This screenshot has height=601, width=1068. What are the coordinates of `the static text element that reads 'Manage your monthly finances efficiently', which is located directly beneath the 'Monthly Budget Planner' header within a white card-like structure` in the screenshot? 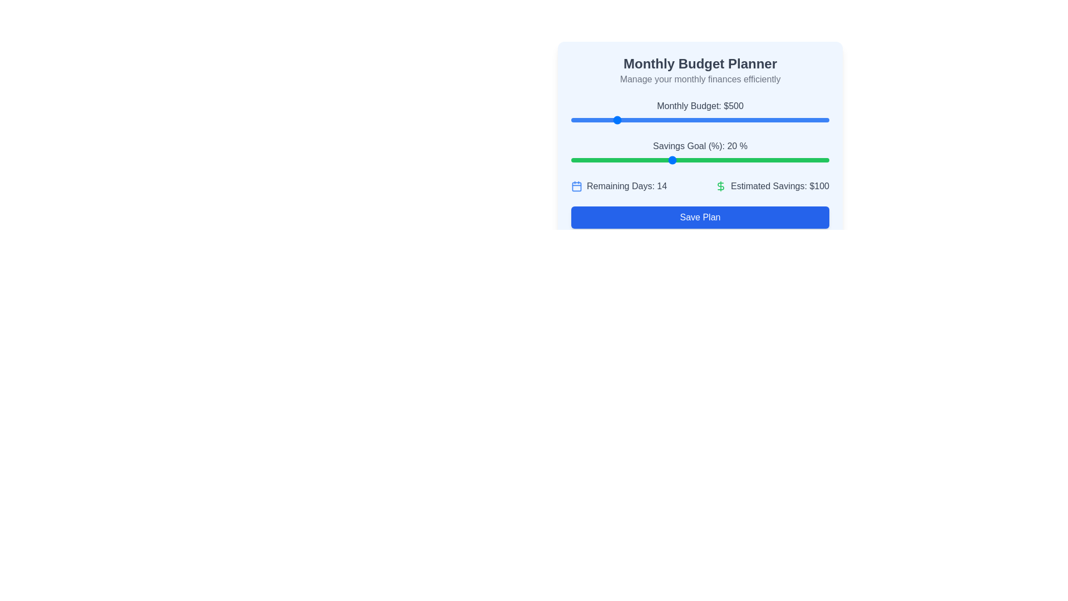 It's located at (699, 78).